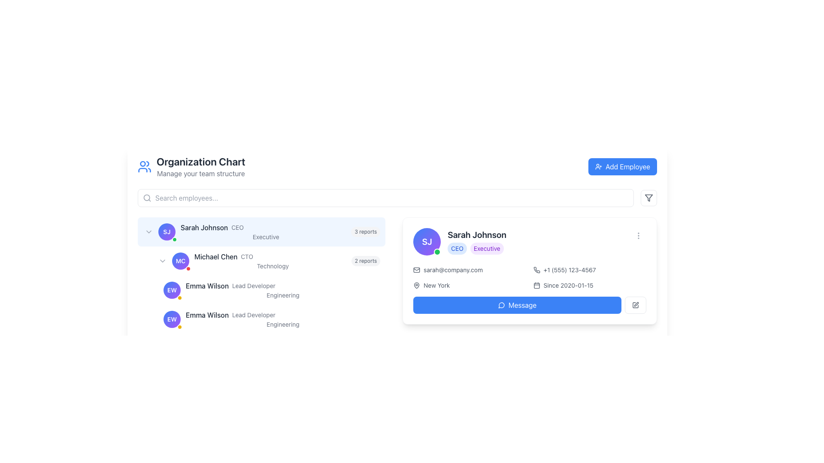 This screenshot has height=463, width=824. Describe the element at coordinates (174, 240) in the screenshot. I see `the small circular green Indicator Badge with a white border located at the bottom-right corner of the 'SJ' avatar` at that location.